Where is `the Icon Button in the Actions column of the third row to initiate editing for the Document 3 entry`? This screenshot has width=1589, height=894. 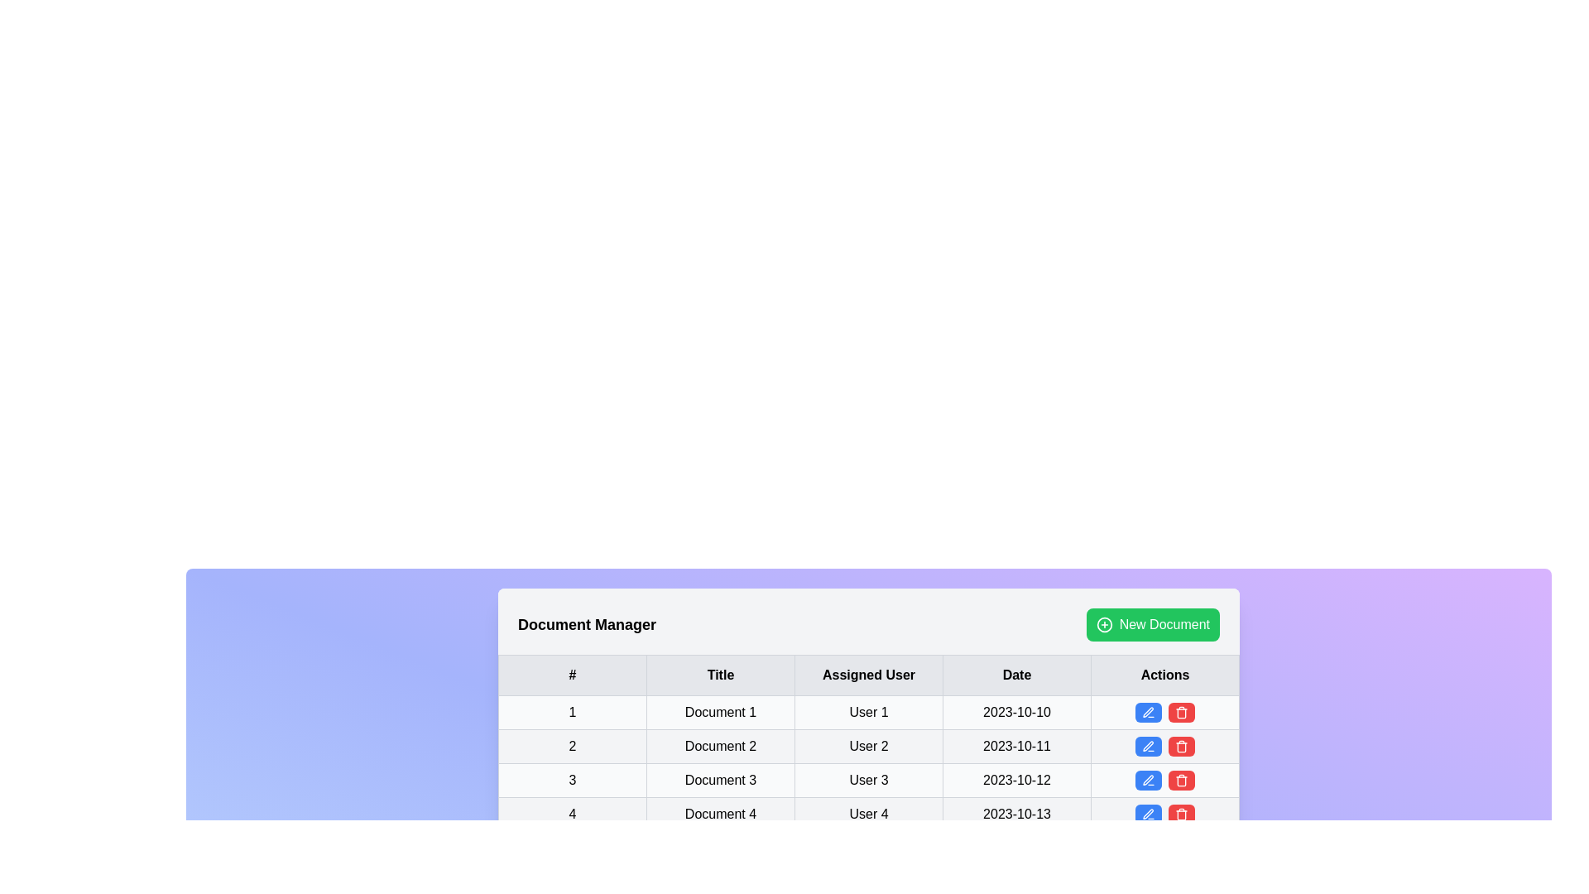 the Icon Button in the Actions column of the third row to initiate editing for the Document 3 entry is located at coordinates (1147, 780).